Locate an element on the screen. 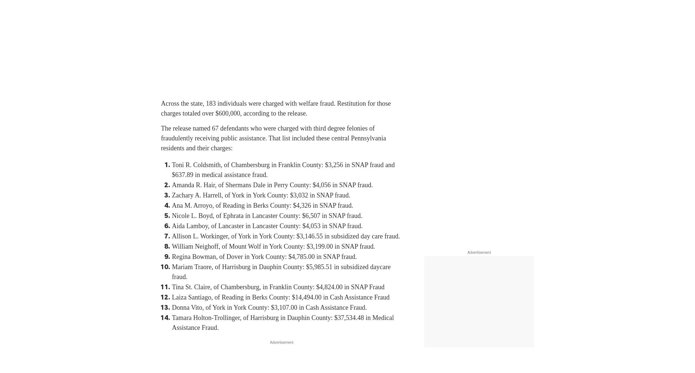 This screenshot has height=373, width=695. 'Ana M. Arroyo, of Reading in Berks County: $4,326 in SNAP fraud.' is located at coordinates (262, 206).